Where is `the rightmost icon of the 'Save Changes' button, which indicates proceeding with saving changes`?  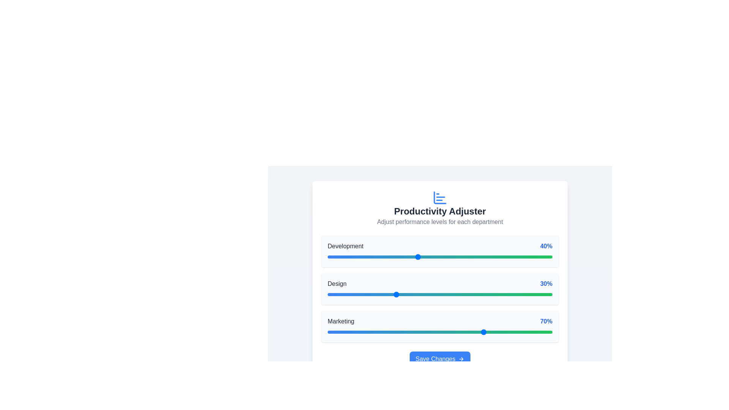 the rightmost icon of the 'Save Changes' button, which indicates proceeding with saving changes is located at coordinates (461, 359).